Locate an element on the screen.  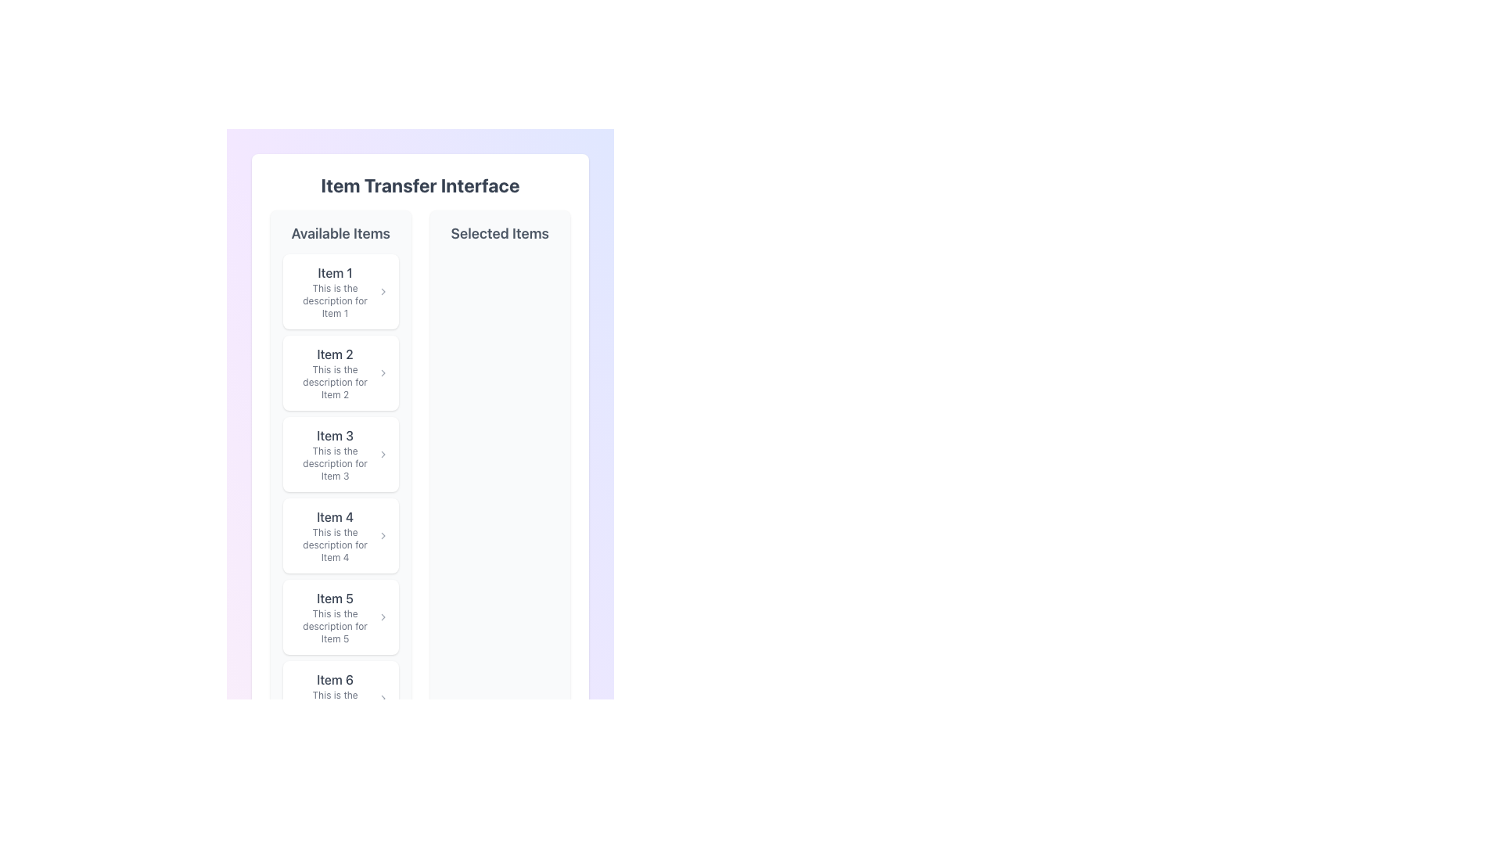
the Text label providing additional information relevant to 'Item 1' located in the 'Available Items' section is located at coordinates (334, 301).